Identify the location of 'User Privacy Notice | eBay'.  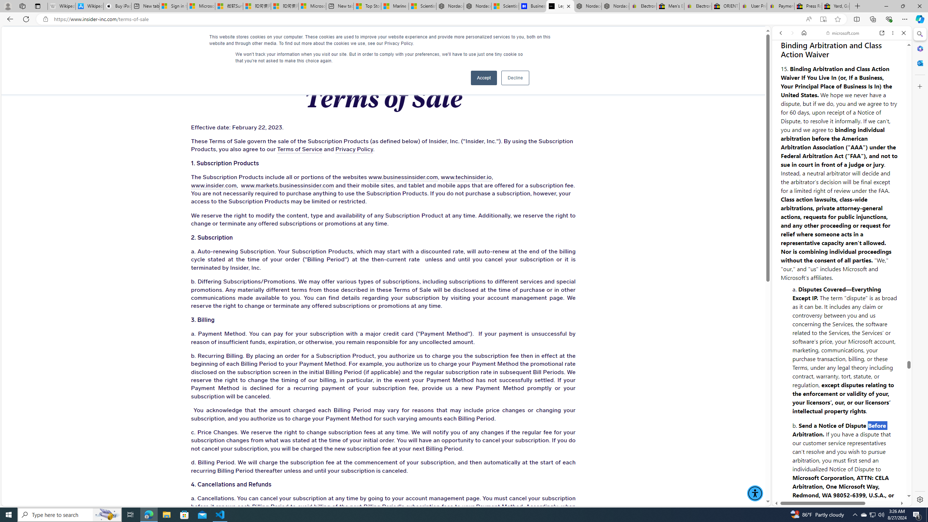
(753, 6).